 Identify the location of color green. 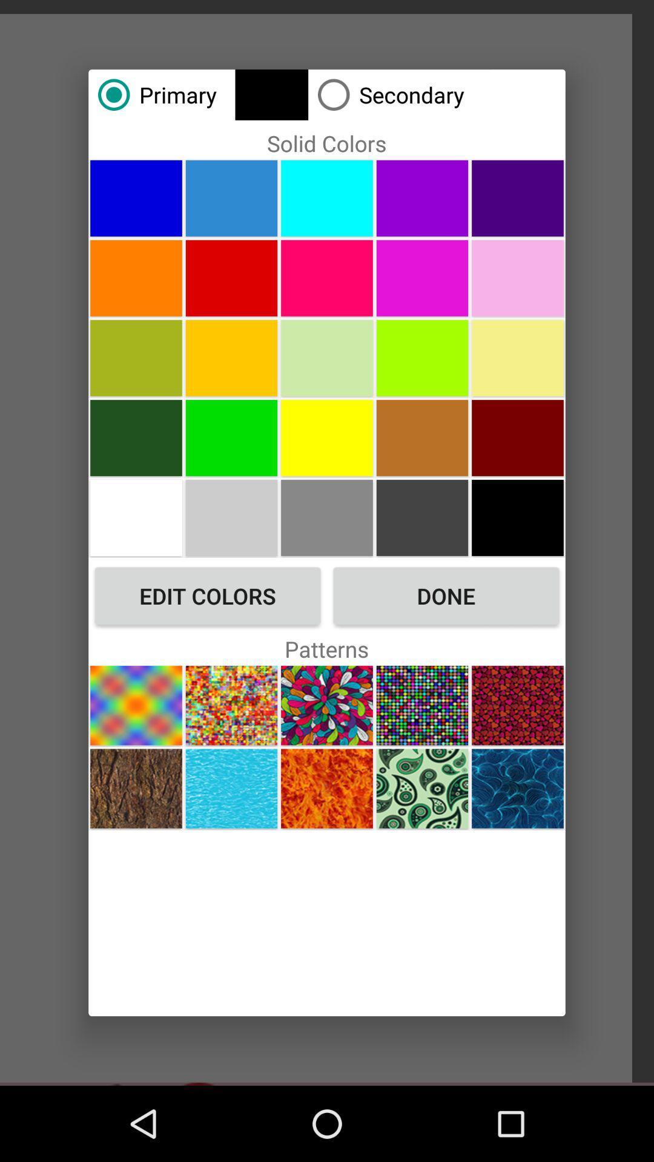
(231, 437).